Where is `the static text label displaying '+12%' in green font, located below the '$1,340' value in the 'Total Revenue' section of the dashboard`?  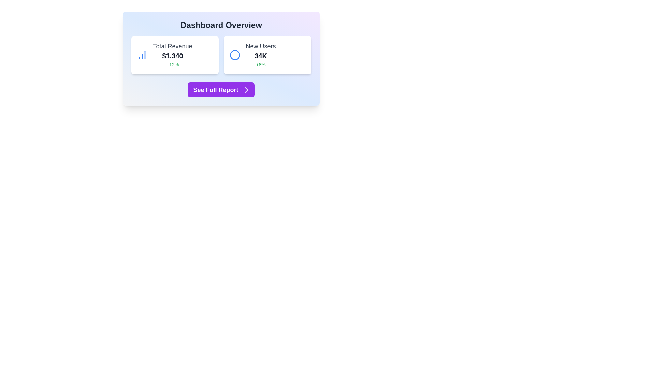
the static text label displaying '+12%' in green font, located below the '$1,340' value in the 'Total Revenue' section of the dashboard is located at coordinates (173, 64).